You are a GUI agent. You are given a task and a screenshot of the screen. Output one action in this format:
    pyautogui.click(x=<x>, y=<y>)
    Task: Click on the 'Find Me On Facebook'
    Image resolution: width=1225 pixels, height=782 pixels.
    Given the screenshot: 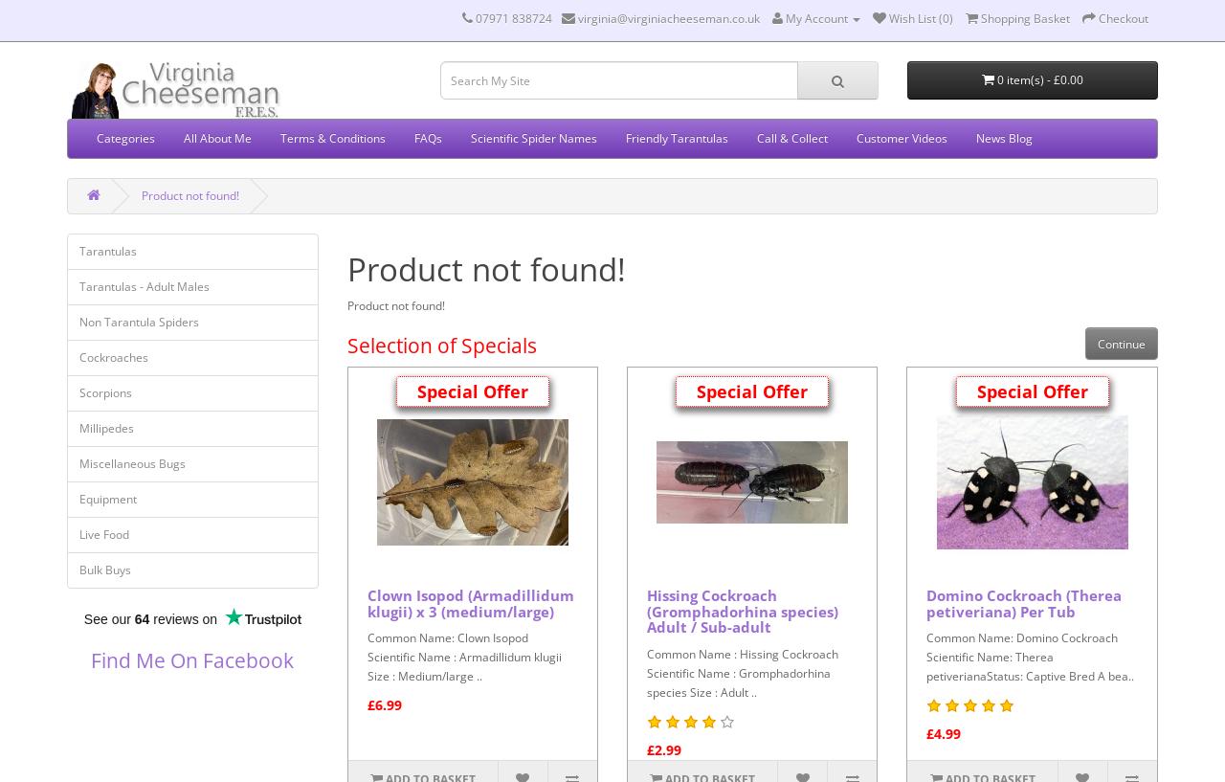 What is the action you would take?
    pyautogui.click(x=89, y=659)
    